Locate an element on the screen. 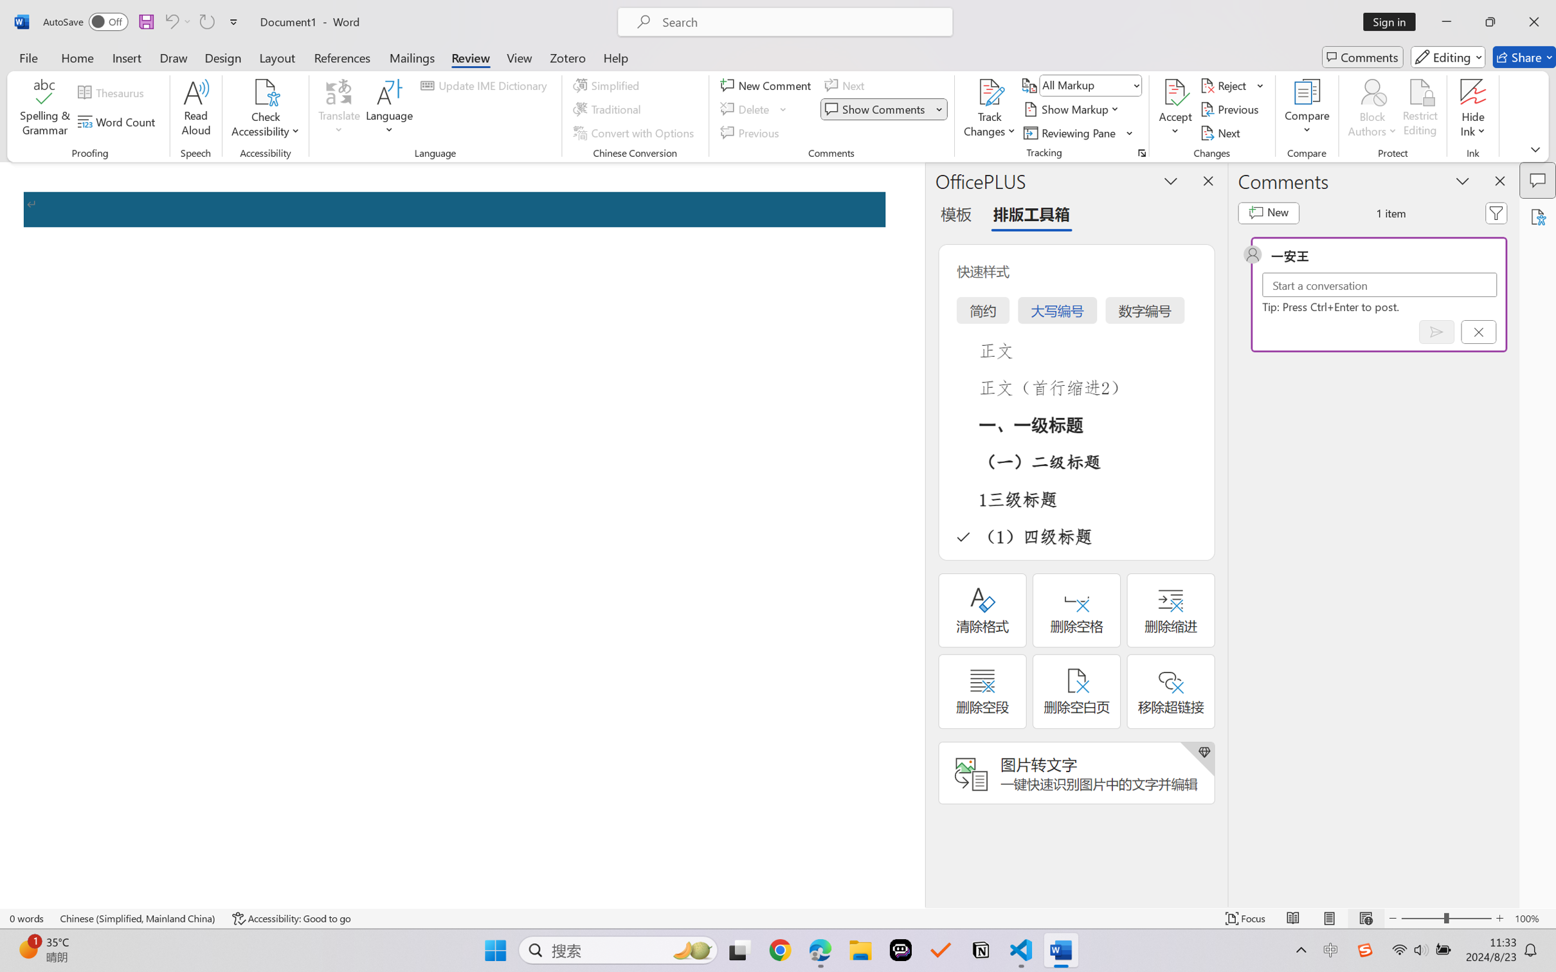 This screenshot has width=1556, height=972. 'Undo Apply Quick Style Set' is located at coordinates (170, 21).